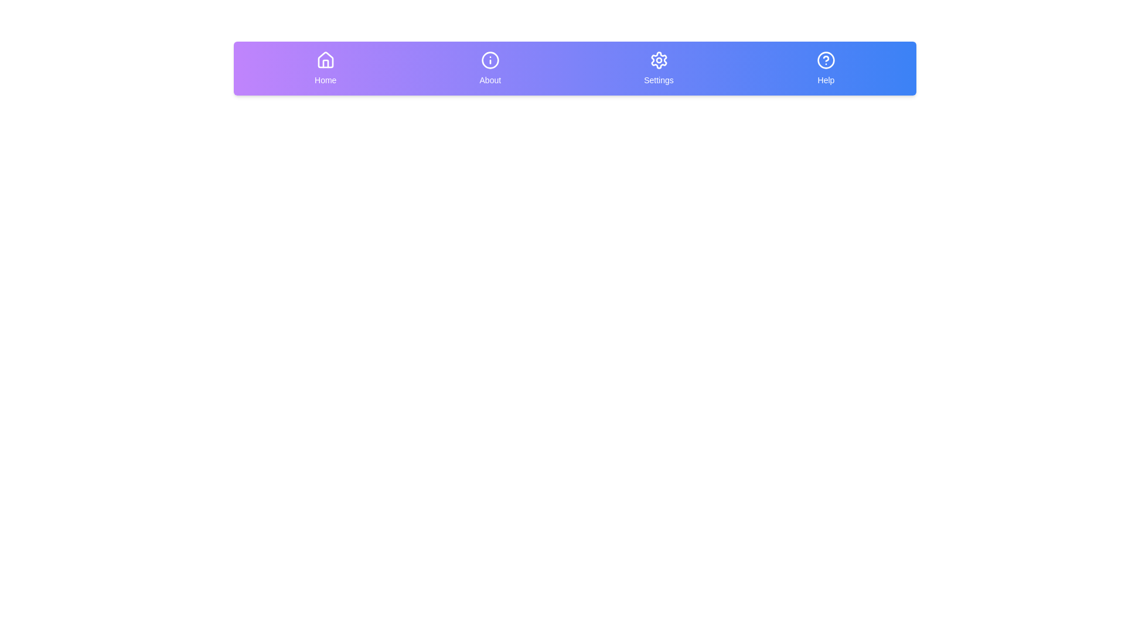 This screenshot has height=633, width=1125. Describe the element at coordinates (325, 60) in the screenshot. I see `the house icon located in the top navigation menu bar, which is the first button from the left and has a purple gradient design, accompanied by the text 'Home'` at that location.